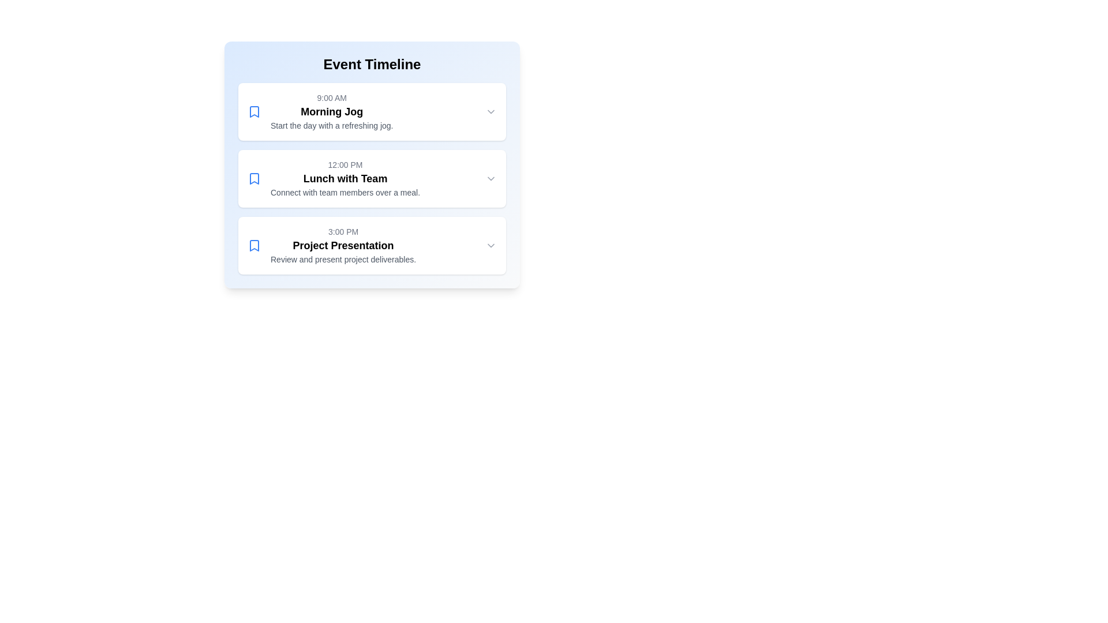  What do you see at coordinates (345, 178) in the screenshot?
I see `the bold text label 'Lunch with Team', which is positioned between the '12:00 PM' timestamp and the event description in the second event block` at bounding box center [345, 178].